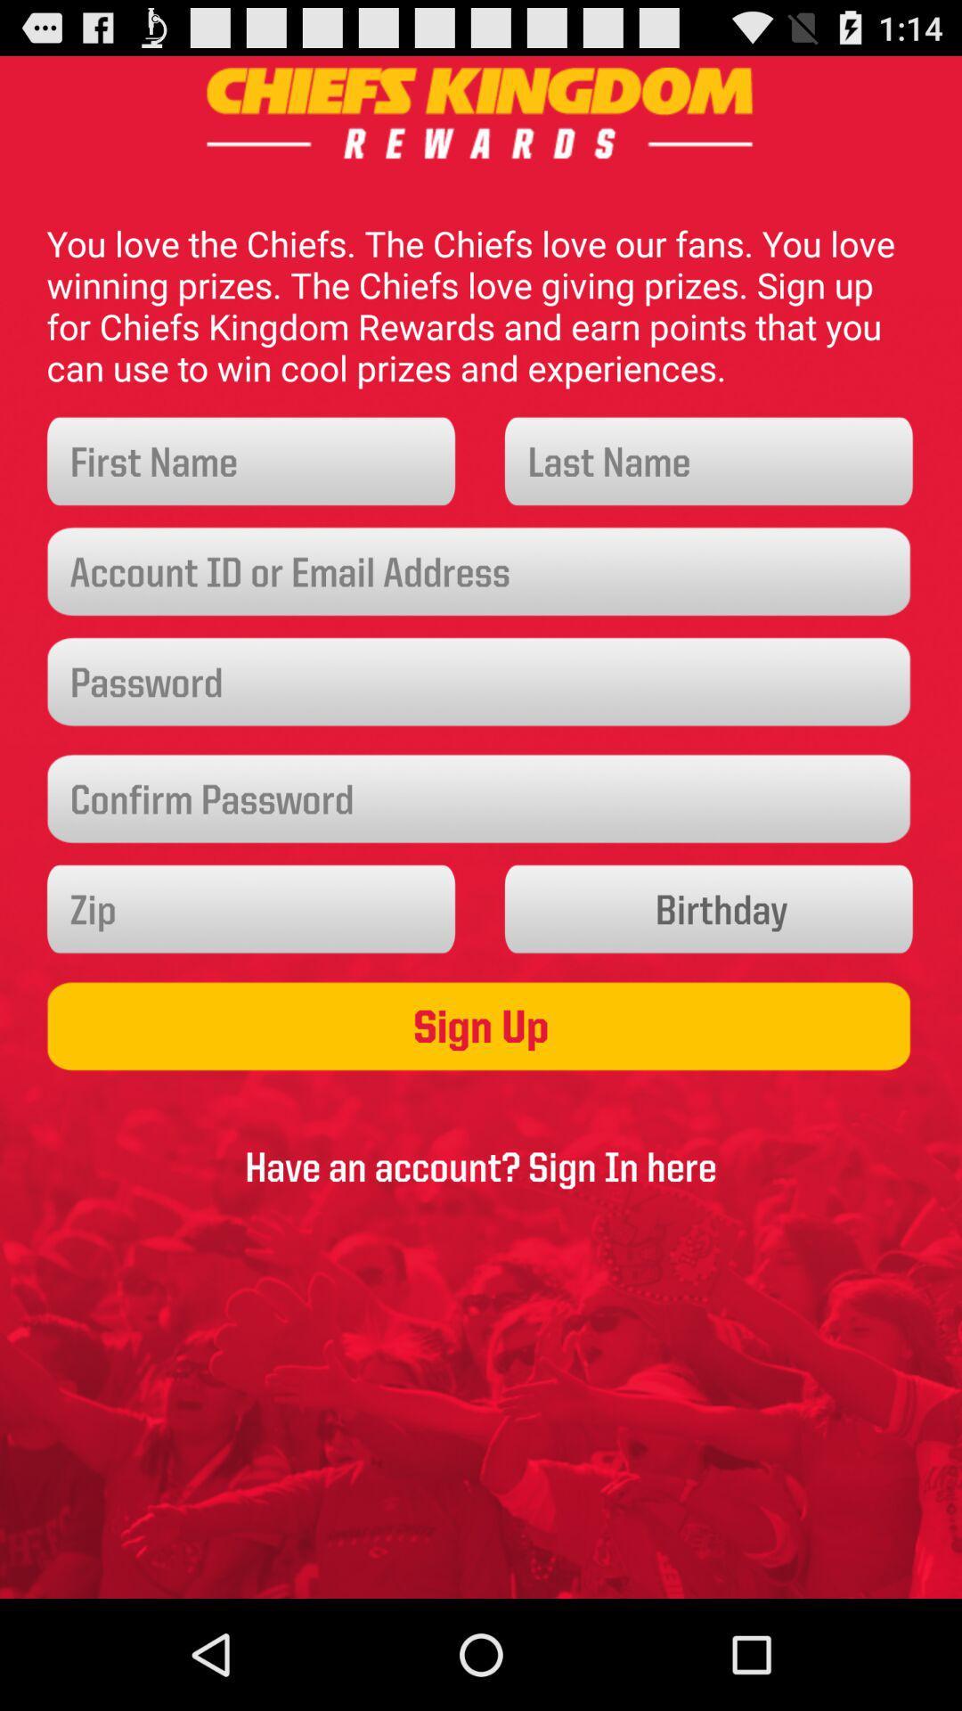 This screenshot has width=962, height=1711. What do you see at coordinates (481, 681) in the screenshot?
I see `the password` at bounding box center [481, 681].